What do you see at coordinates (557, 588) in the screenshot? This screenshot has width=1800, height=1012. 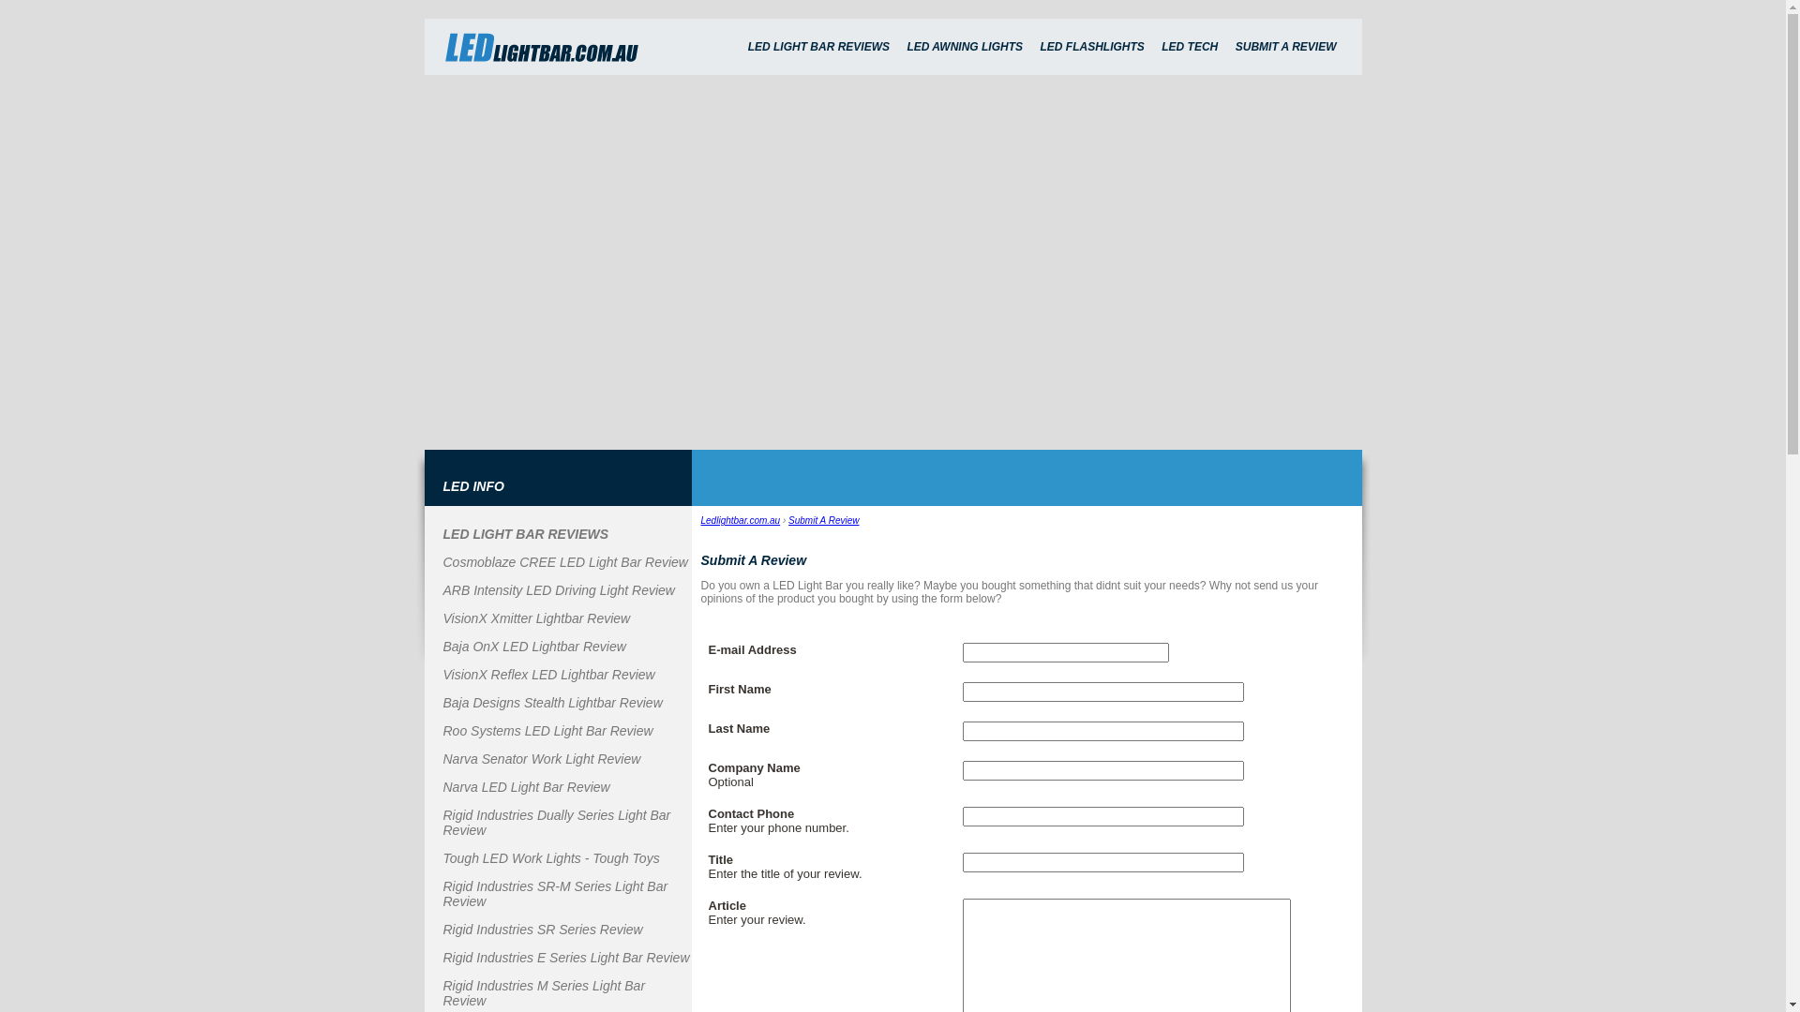 I see `'ARB Intensity LED Driving Light Review'` at bounding box center [557, 588].